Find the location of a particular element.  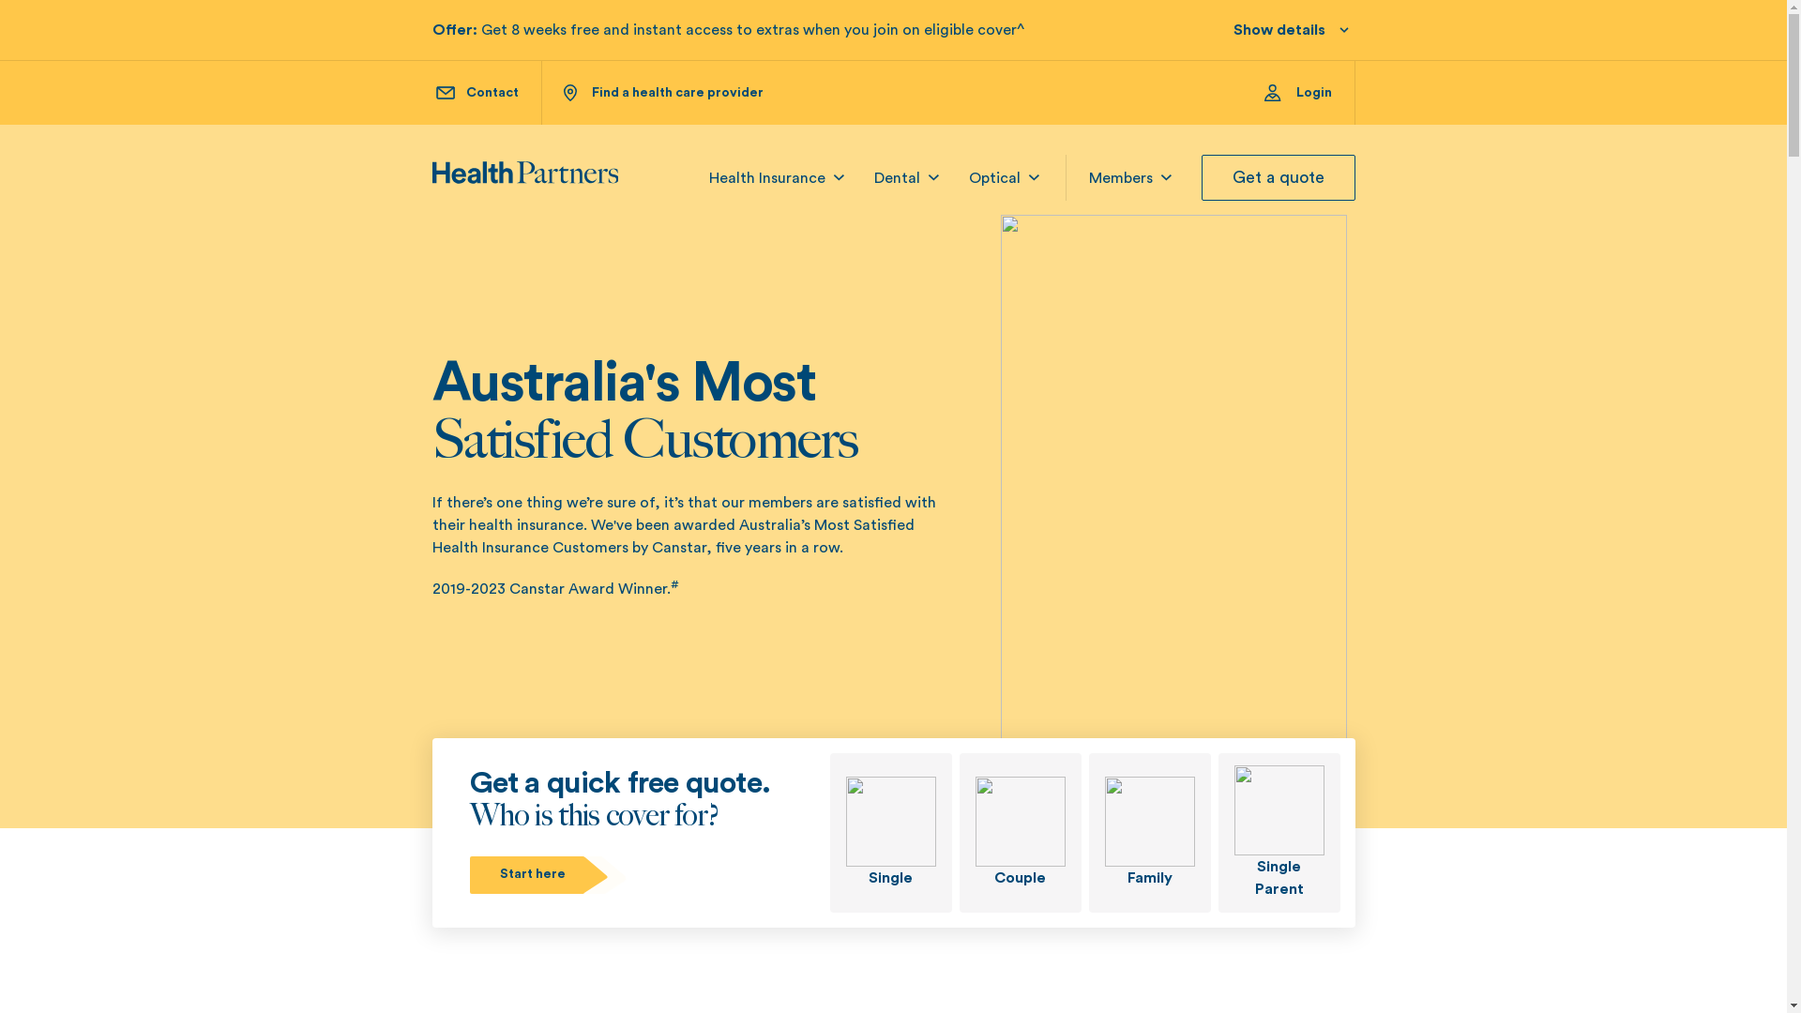

'Start here' is located at coordinates (548, 874).